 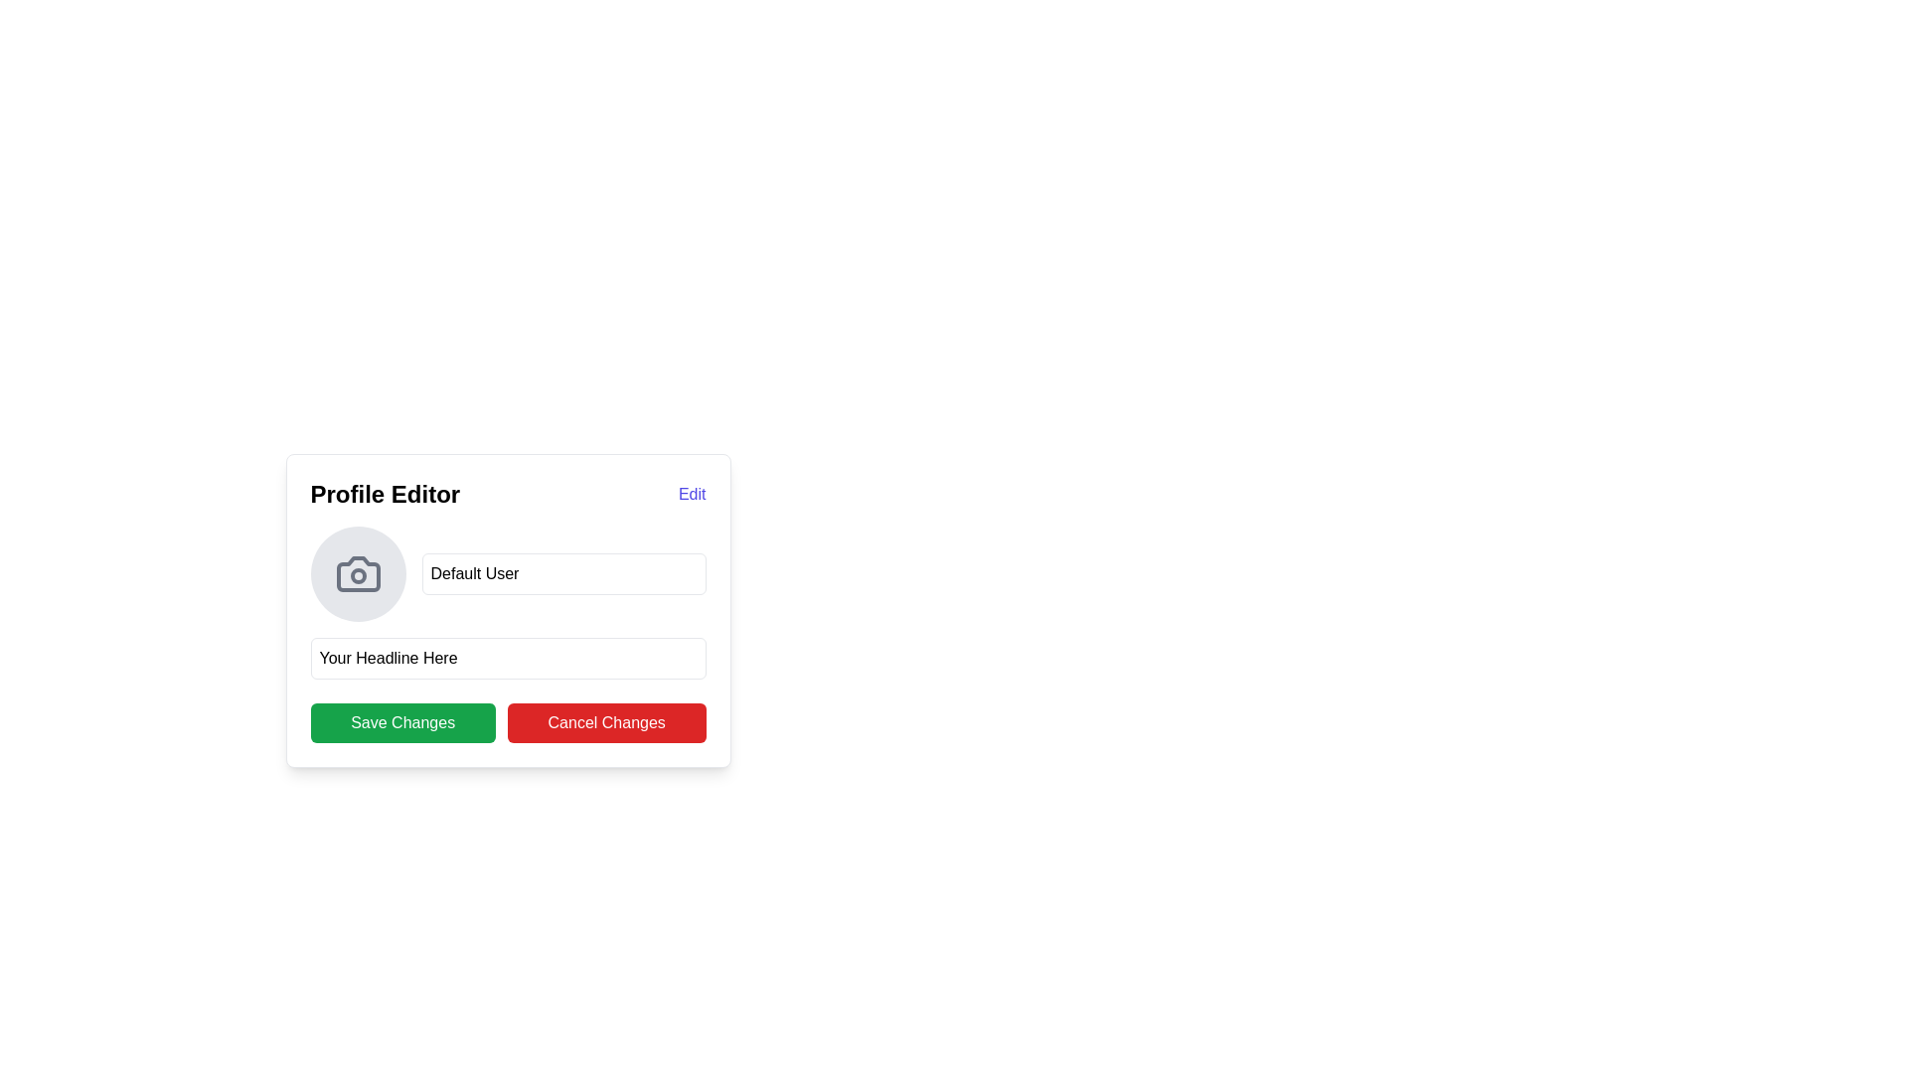 I want to click on the 'Edit' button, so click(x=692, y=493).